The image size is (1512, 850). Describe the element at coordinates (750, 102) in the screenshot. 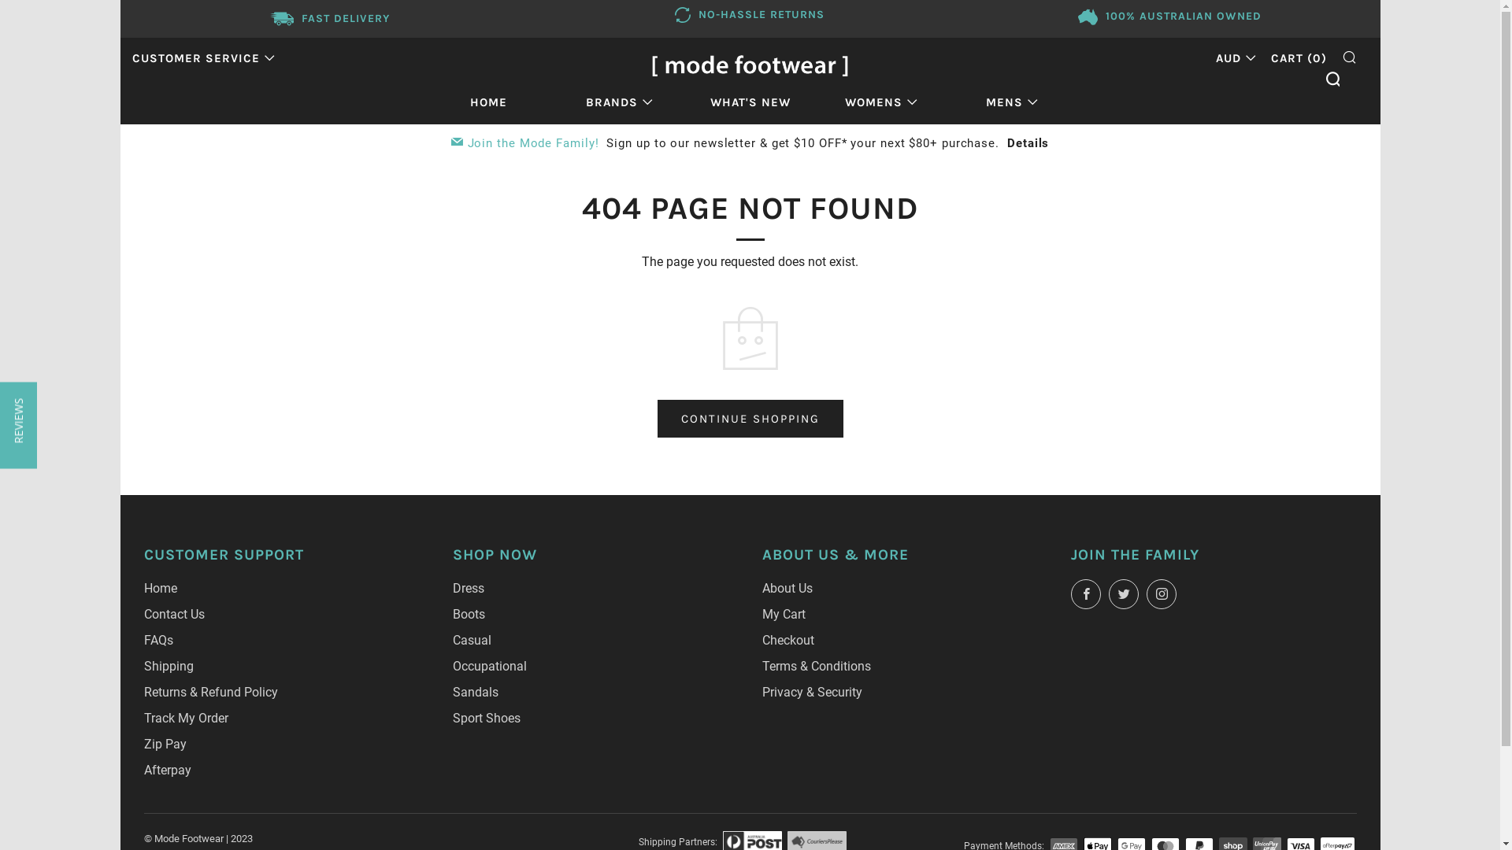

I see `'WHAT'S NEW'` at that location.